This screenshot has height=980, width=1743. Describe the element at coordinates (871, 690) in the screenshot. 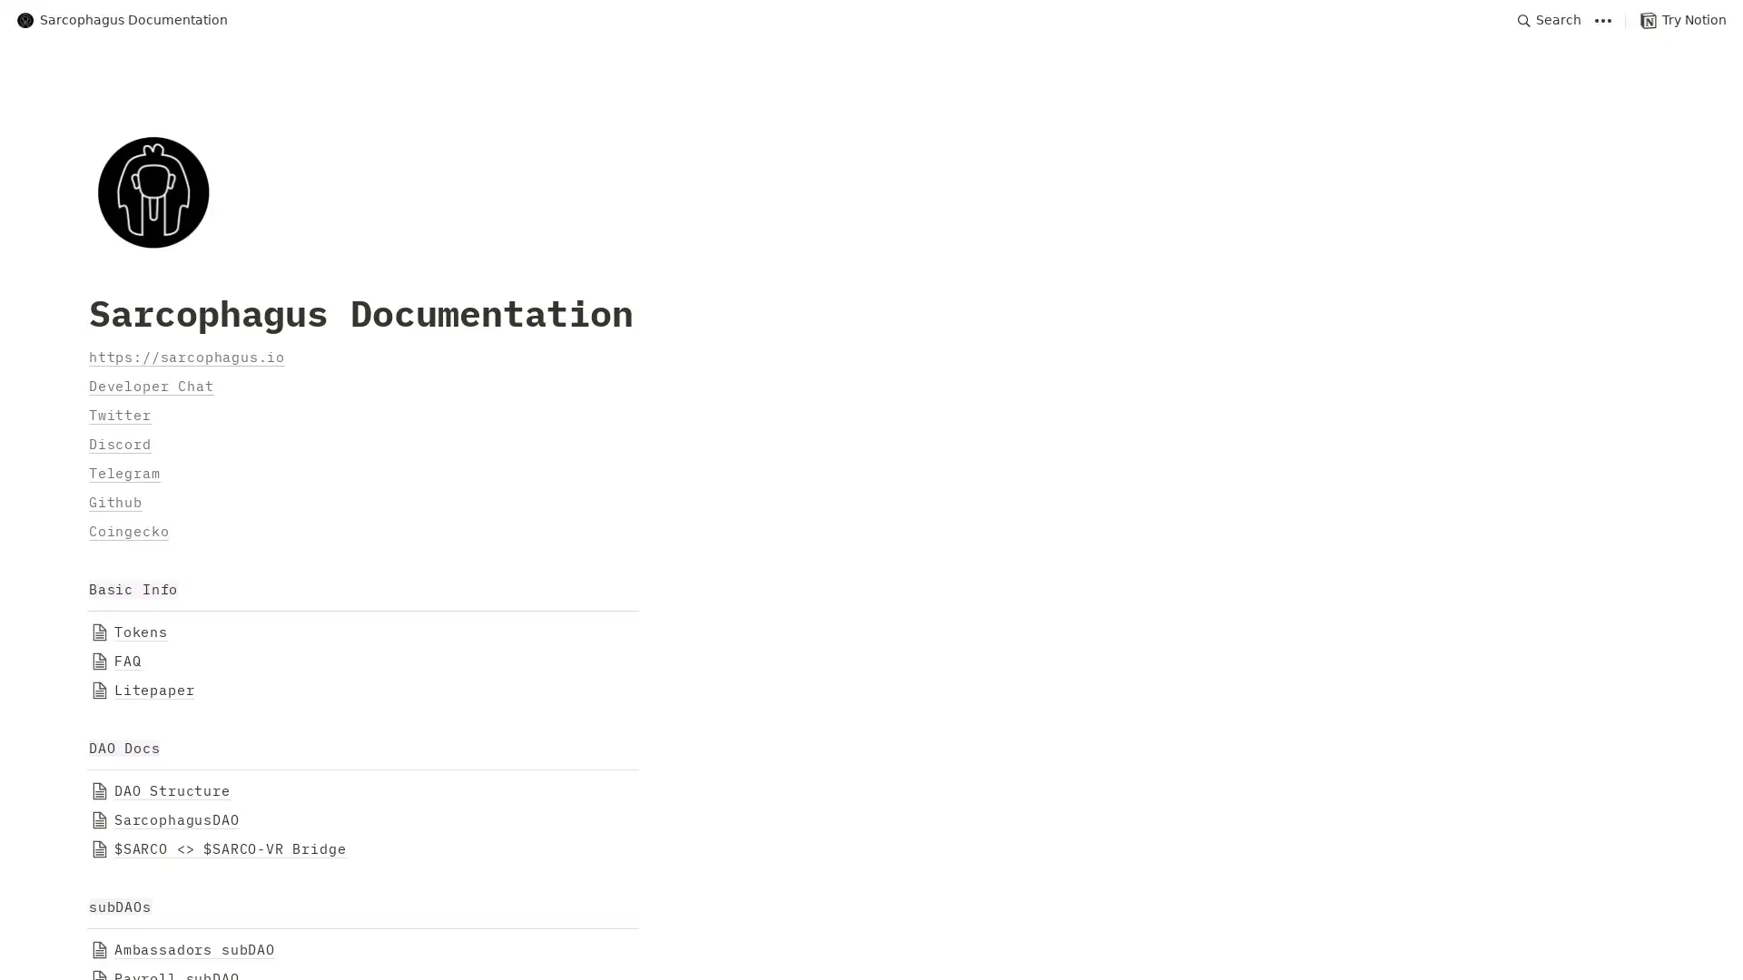

I see `Litepaper` at that location.